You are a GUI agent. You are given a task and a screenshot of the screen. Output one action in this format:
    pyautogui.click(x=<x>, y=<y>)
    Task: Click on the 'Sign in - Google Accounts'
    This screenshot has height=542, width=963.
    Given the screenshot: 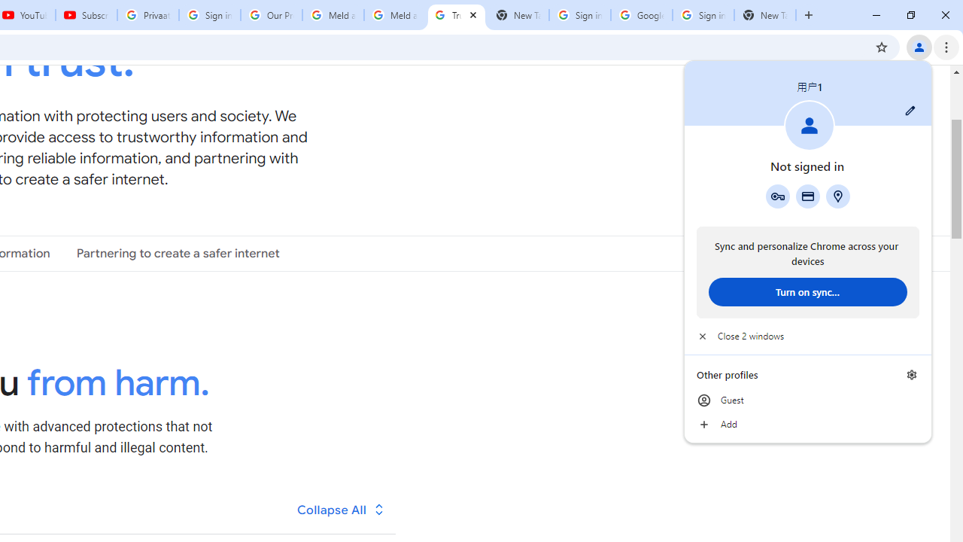 What is the action you would take?
    pyautogui.click(x=703, y=15)
    